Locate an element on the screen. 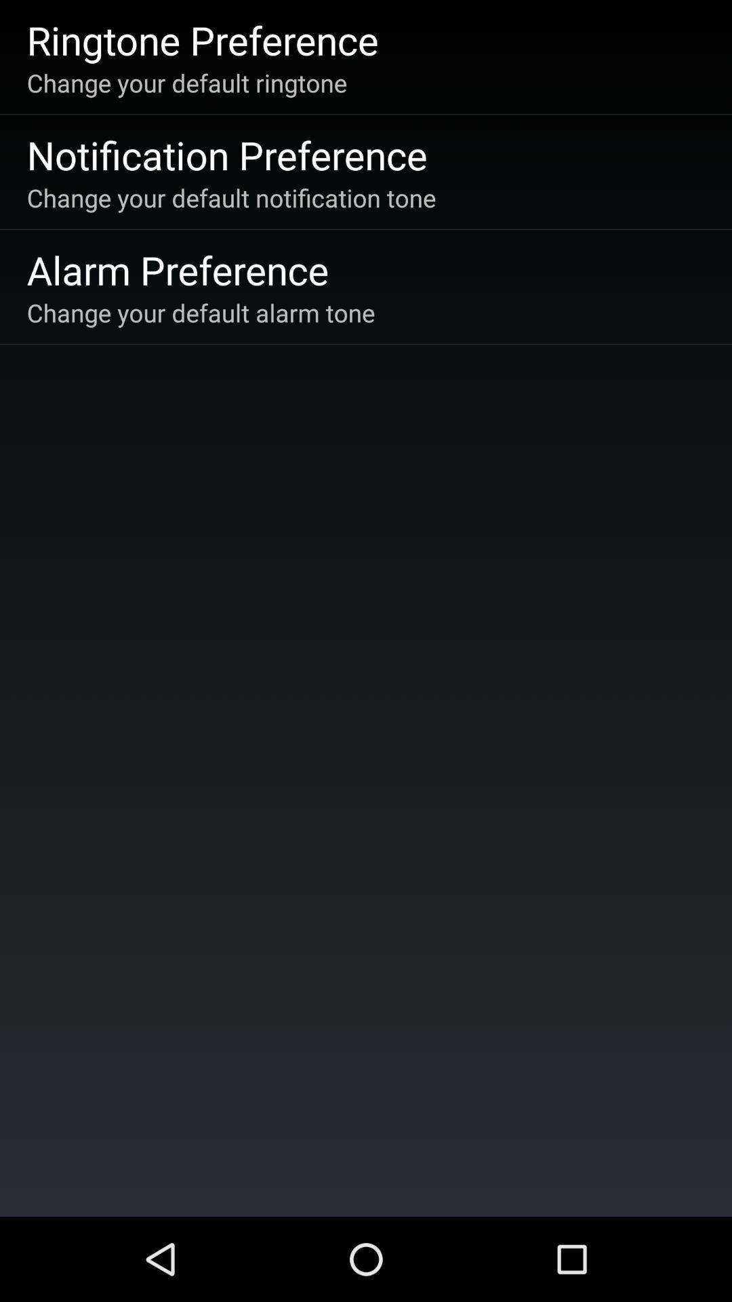  the notification preference item is located at coordinates (226, 155).